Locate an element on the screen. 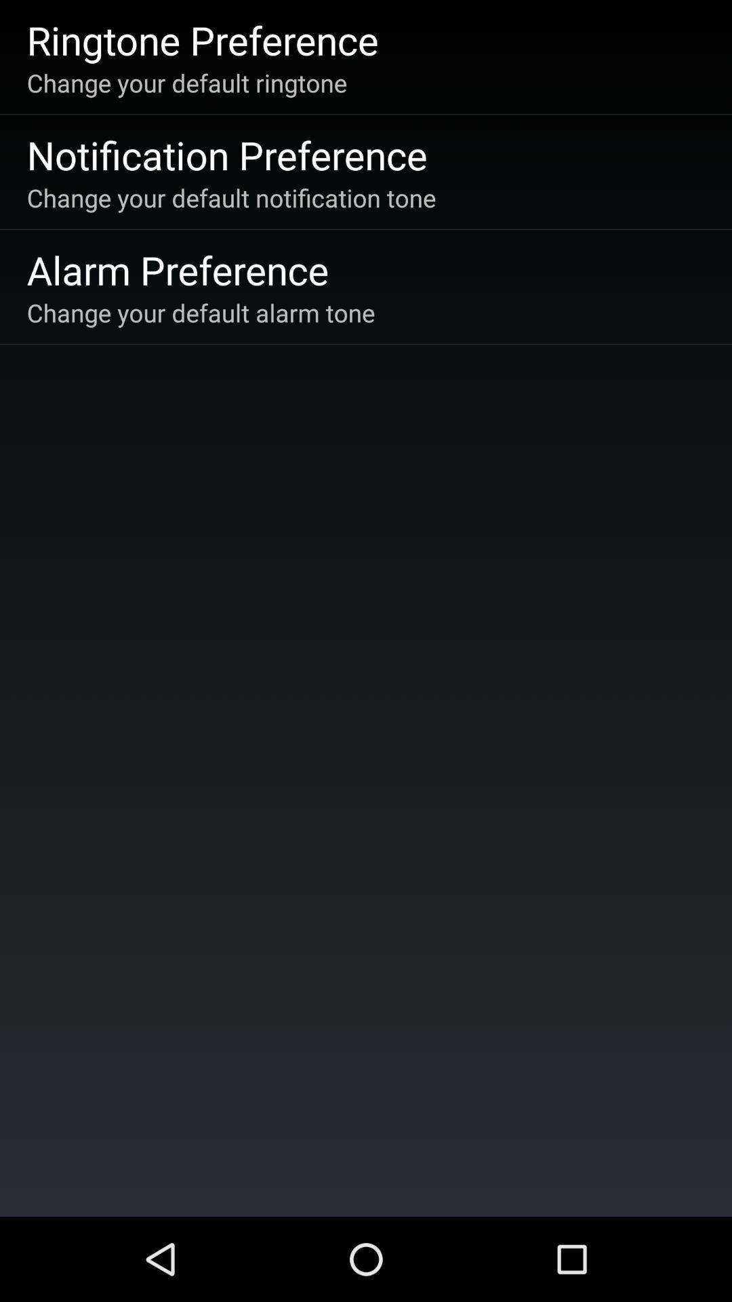  the notification preference item is located at coordinates (226, 155).